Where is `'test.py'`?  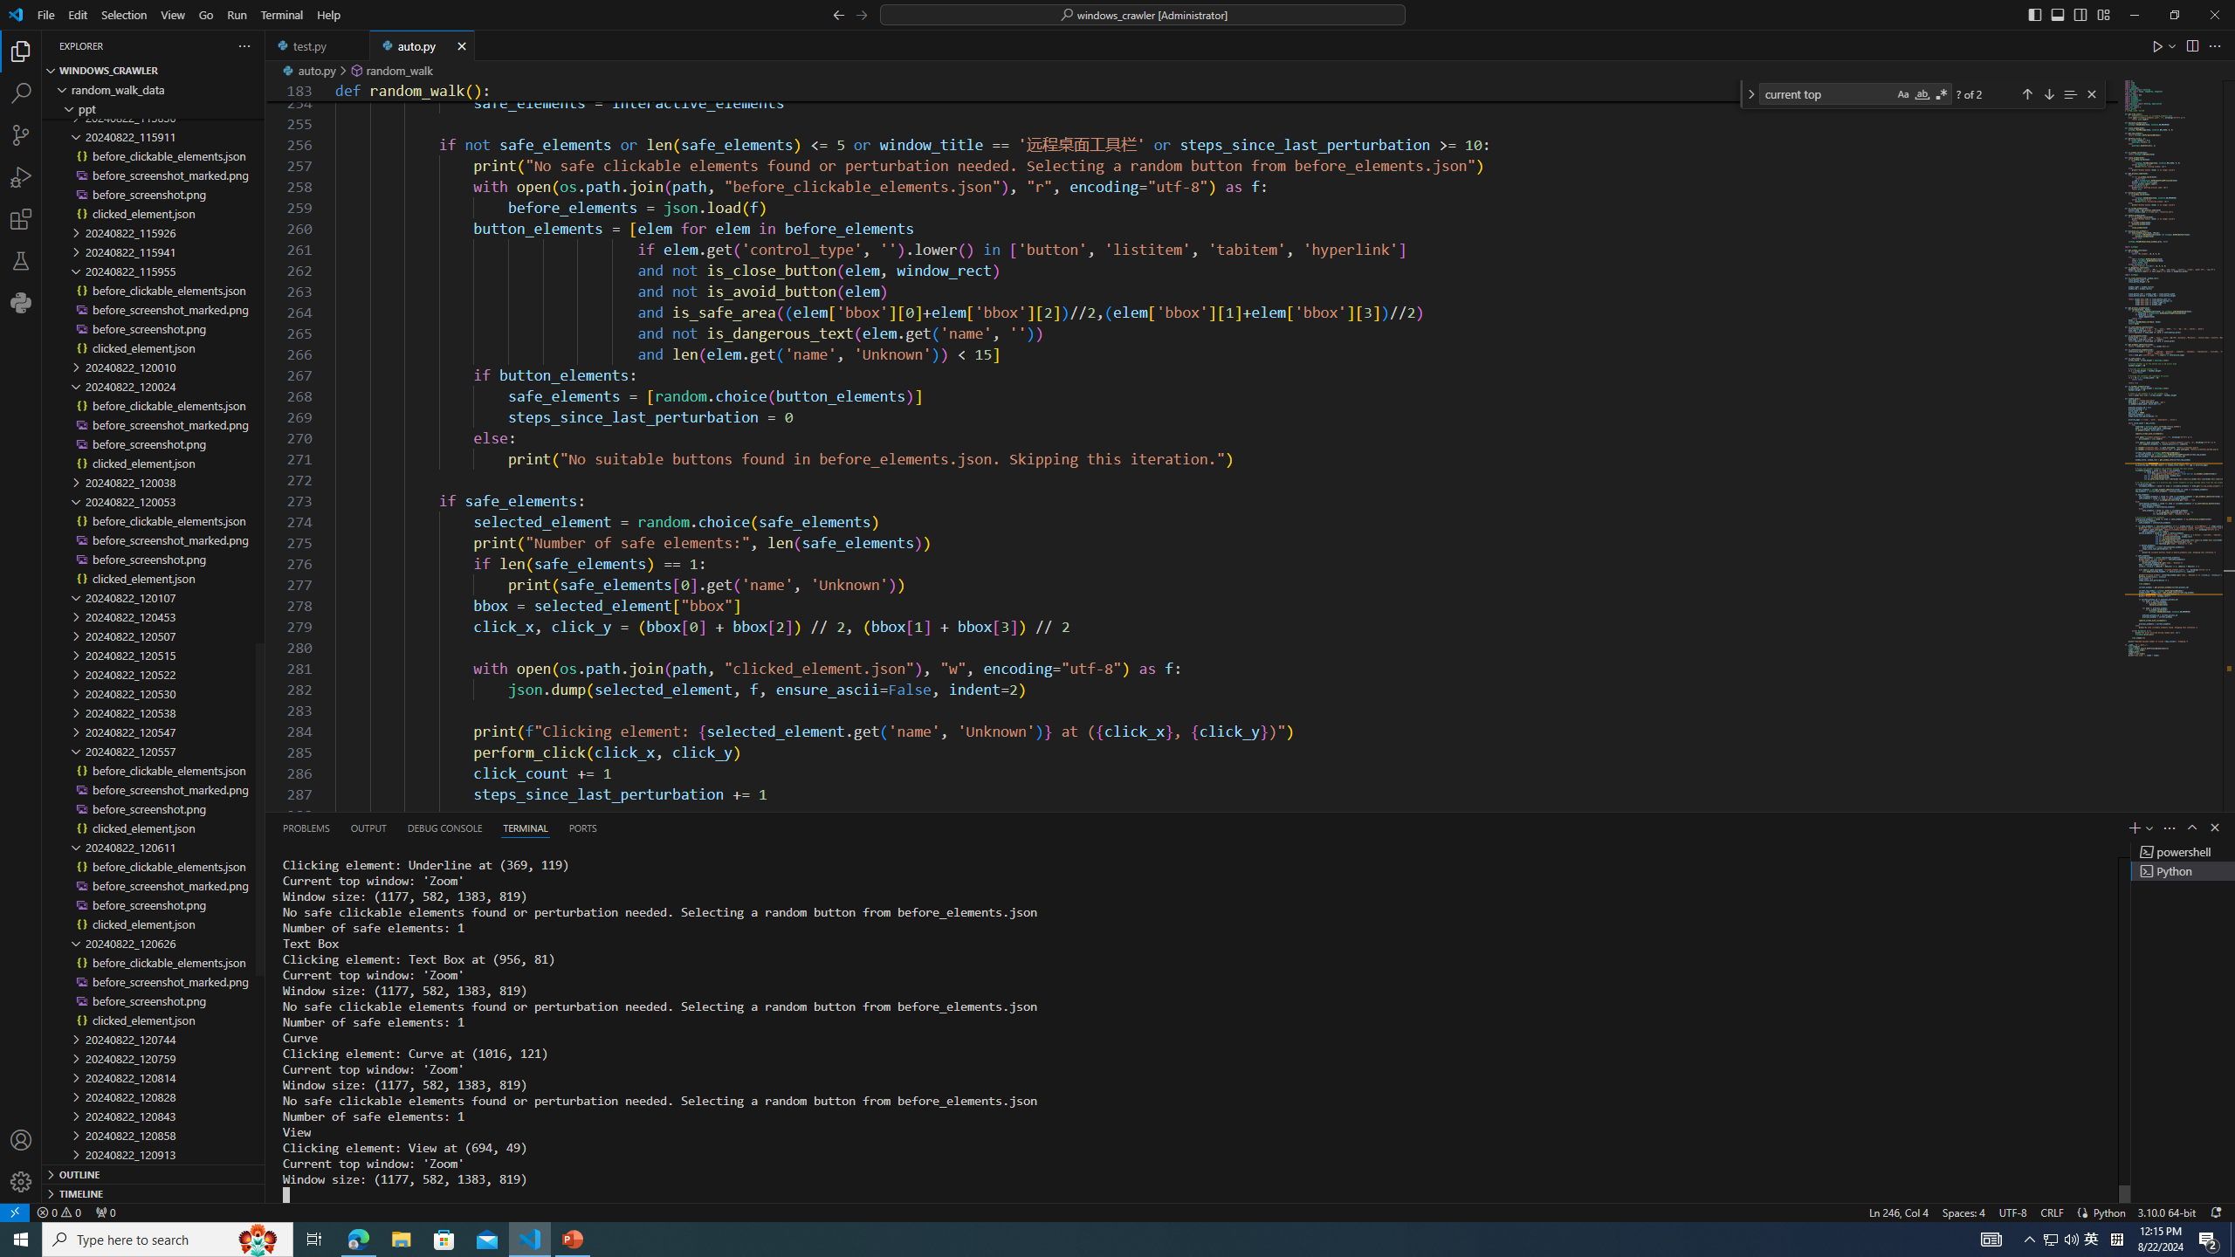
'test.py' is located at coordinates (317, 45).